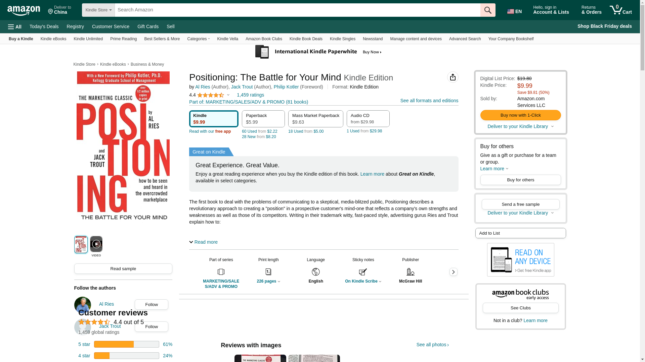  Describe the element at coordinates (53, 39) in the screenshot. I see `'Kindle eBooks'` at that location.